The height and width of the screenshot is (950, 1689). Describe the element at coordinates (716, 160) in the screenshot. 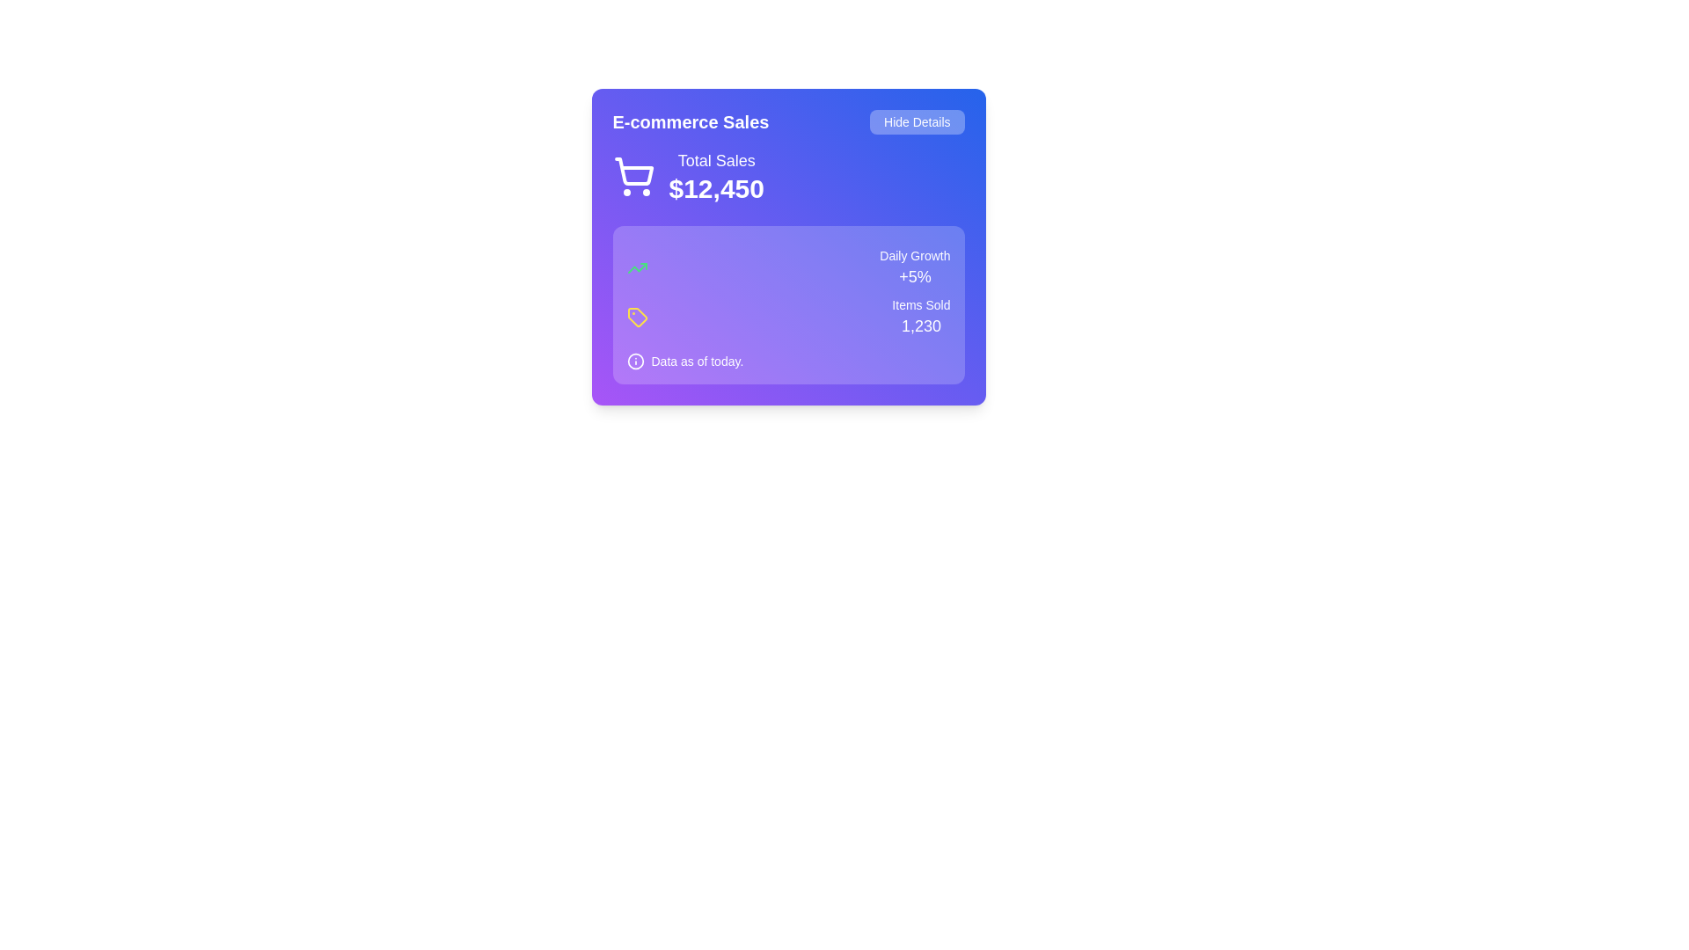

I see `the Text label indicating the total sales figure '$12,450', positioned above it within the 'E-commerce Sales' card` at that location.